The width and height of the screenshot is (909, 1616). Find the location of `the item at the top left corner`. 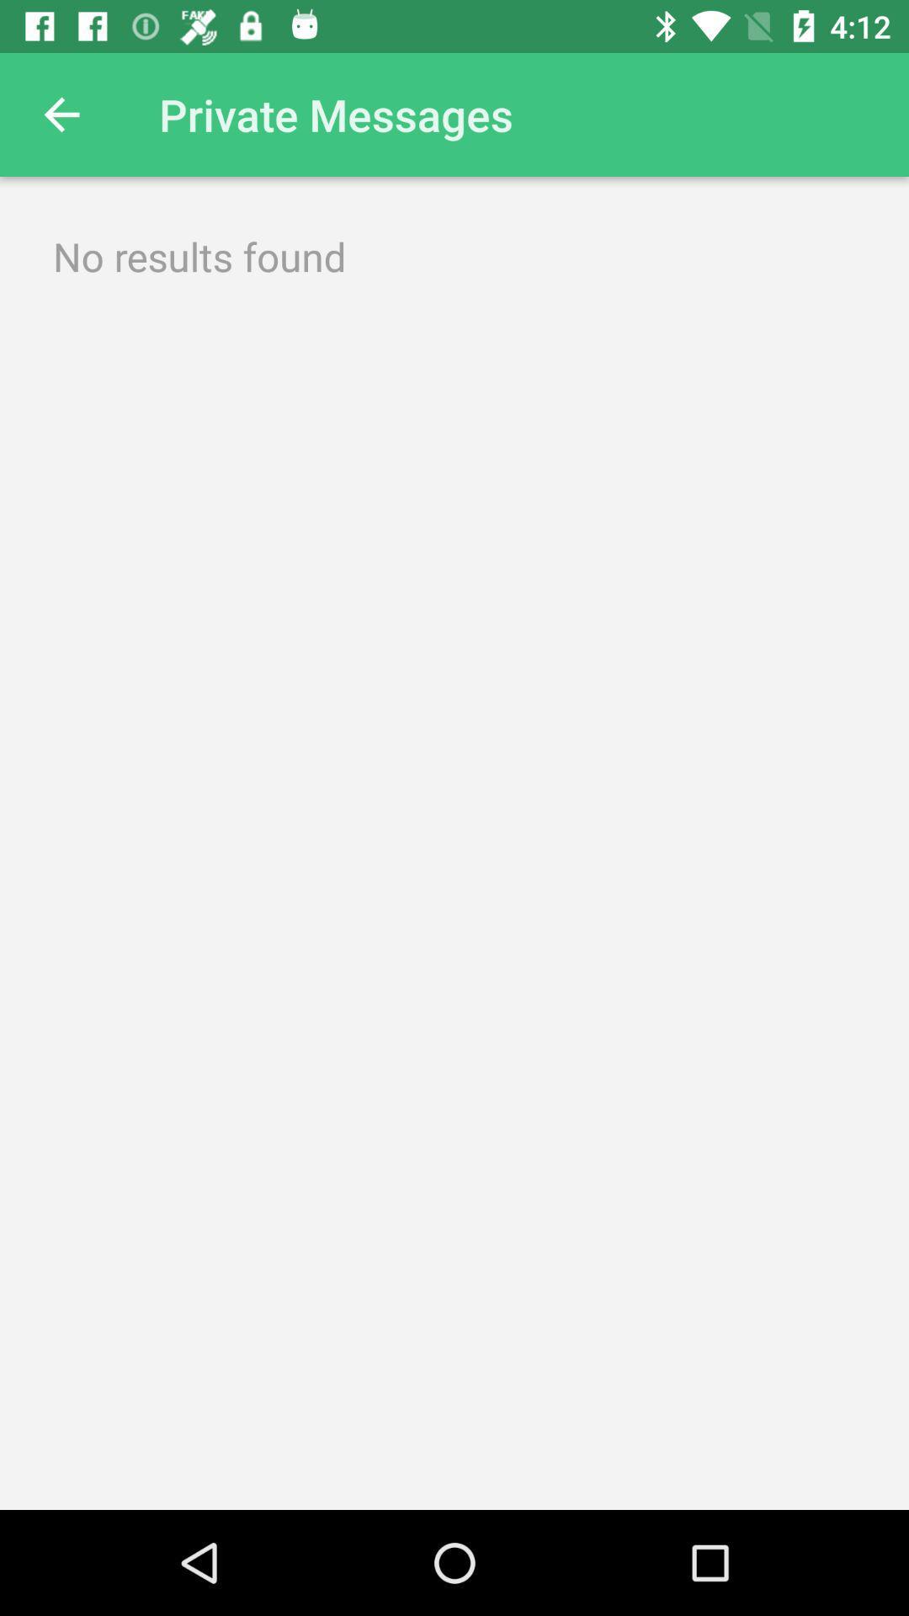

the item at the top left corner is located at coordinates (61, 114).